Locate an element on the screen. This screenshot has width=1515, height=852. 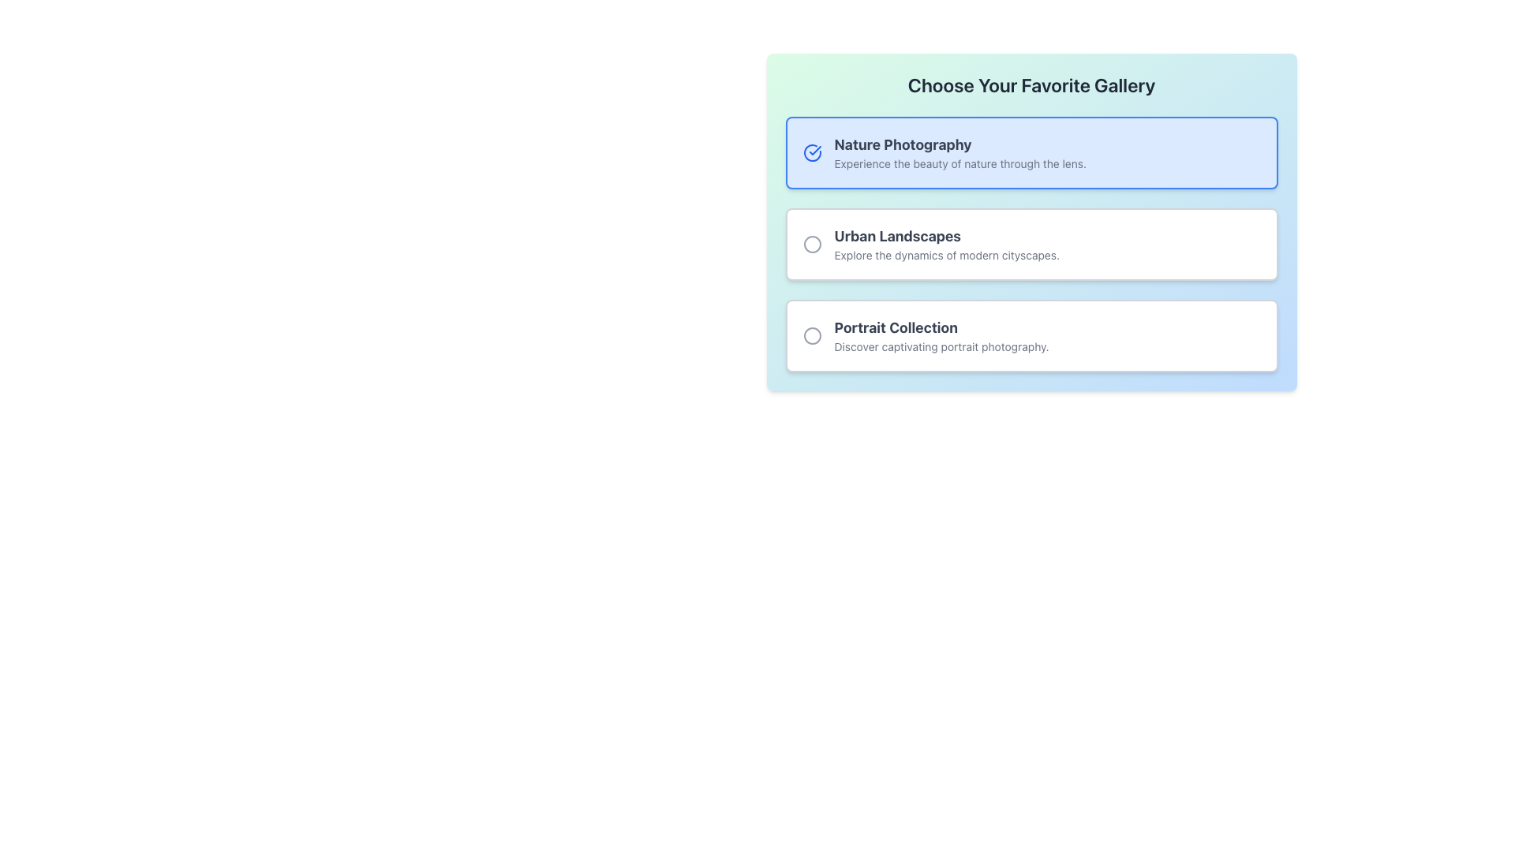
the blue checkmark symbol within the selection confirmation icon located at the top-left of the 'Nature Photography' selection item is located at coordinates (814, 151).